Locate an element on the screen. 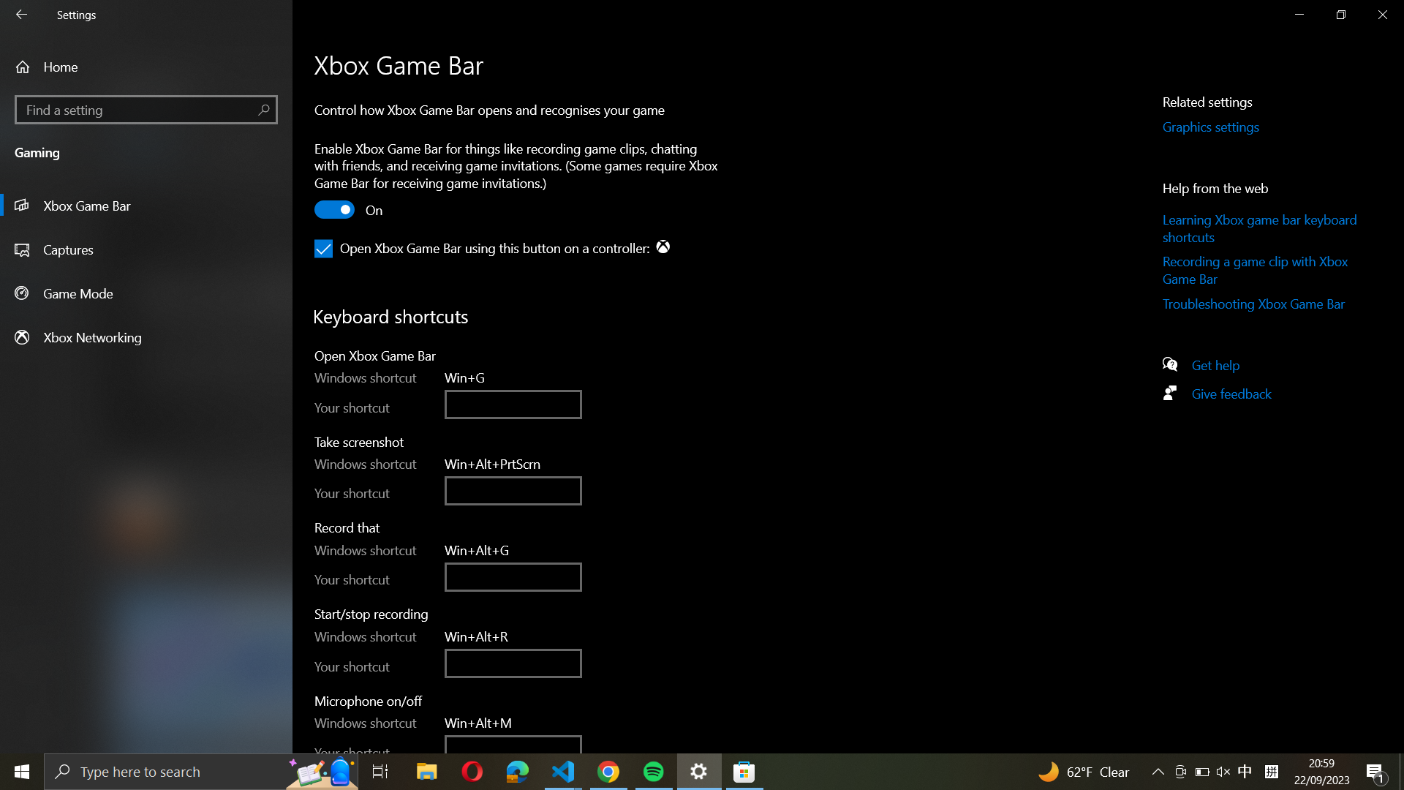  Create a "Win+M" hotkey to toggle the microphone on or off is located at coordinates (986310, 803430).